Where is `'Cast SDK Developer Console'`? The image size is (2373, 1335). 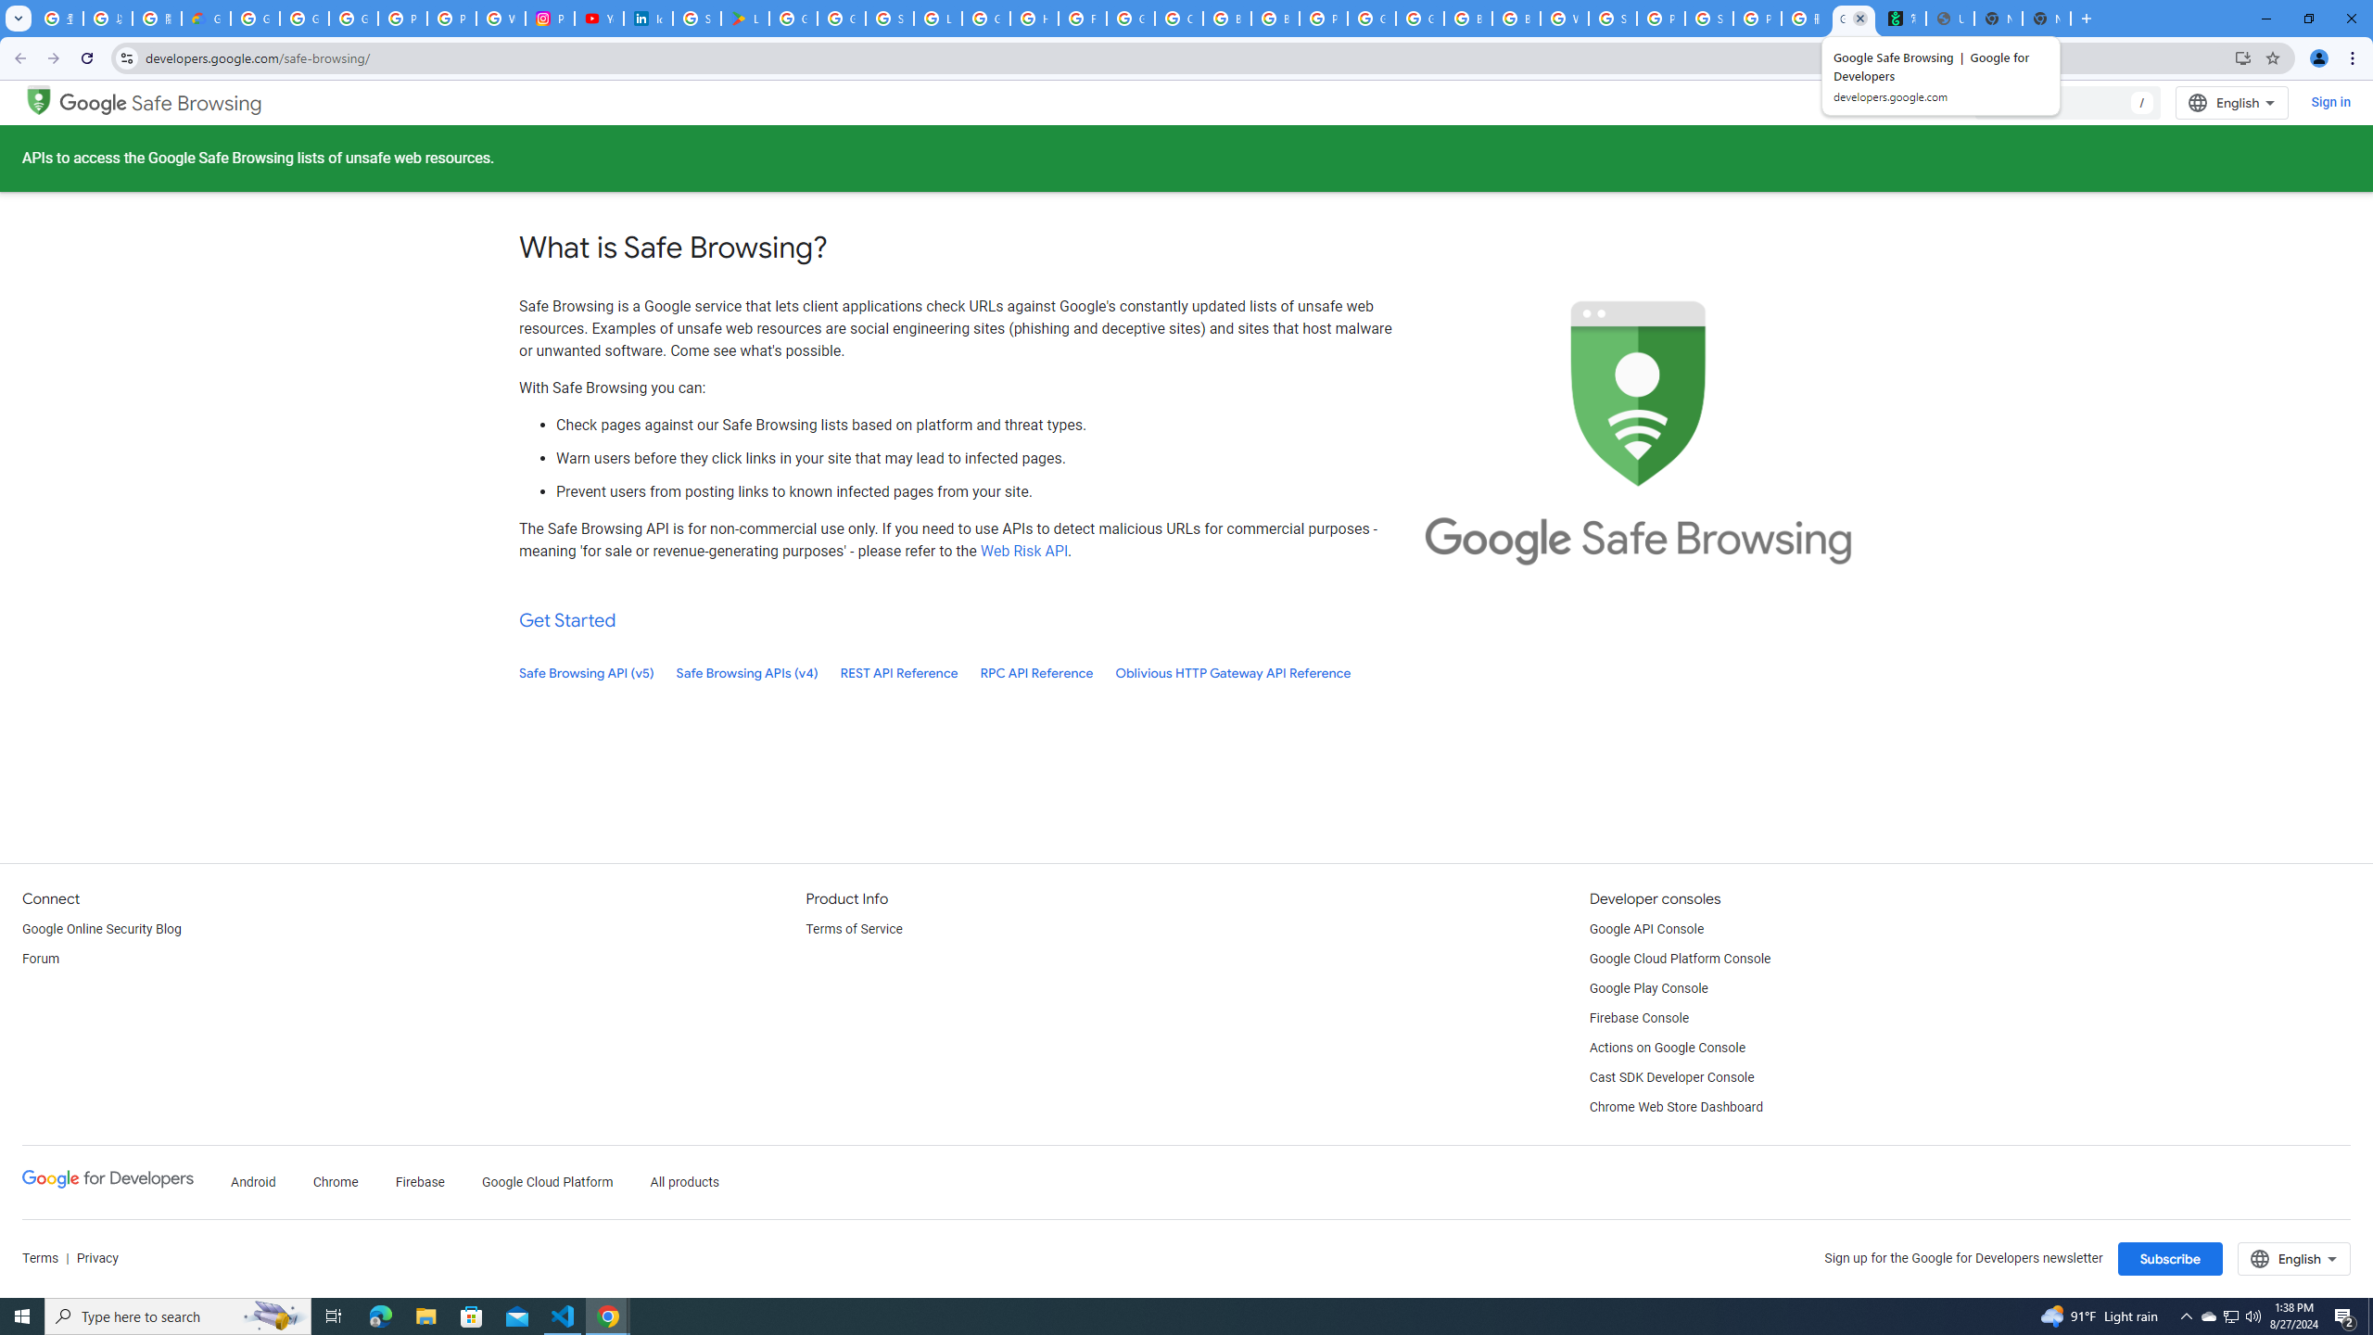
'Cast SDK Developer Console' is located at coordinates (1670, 1078).